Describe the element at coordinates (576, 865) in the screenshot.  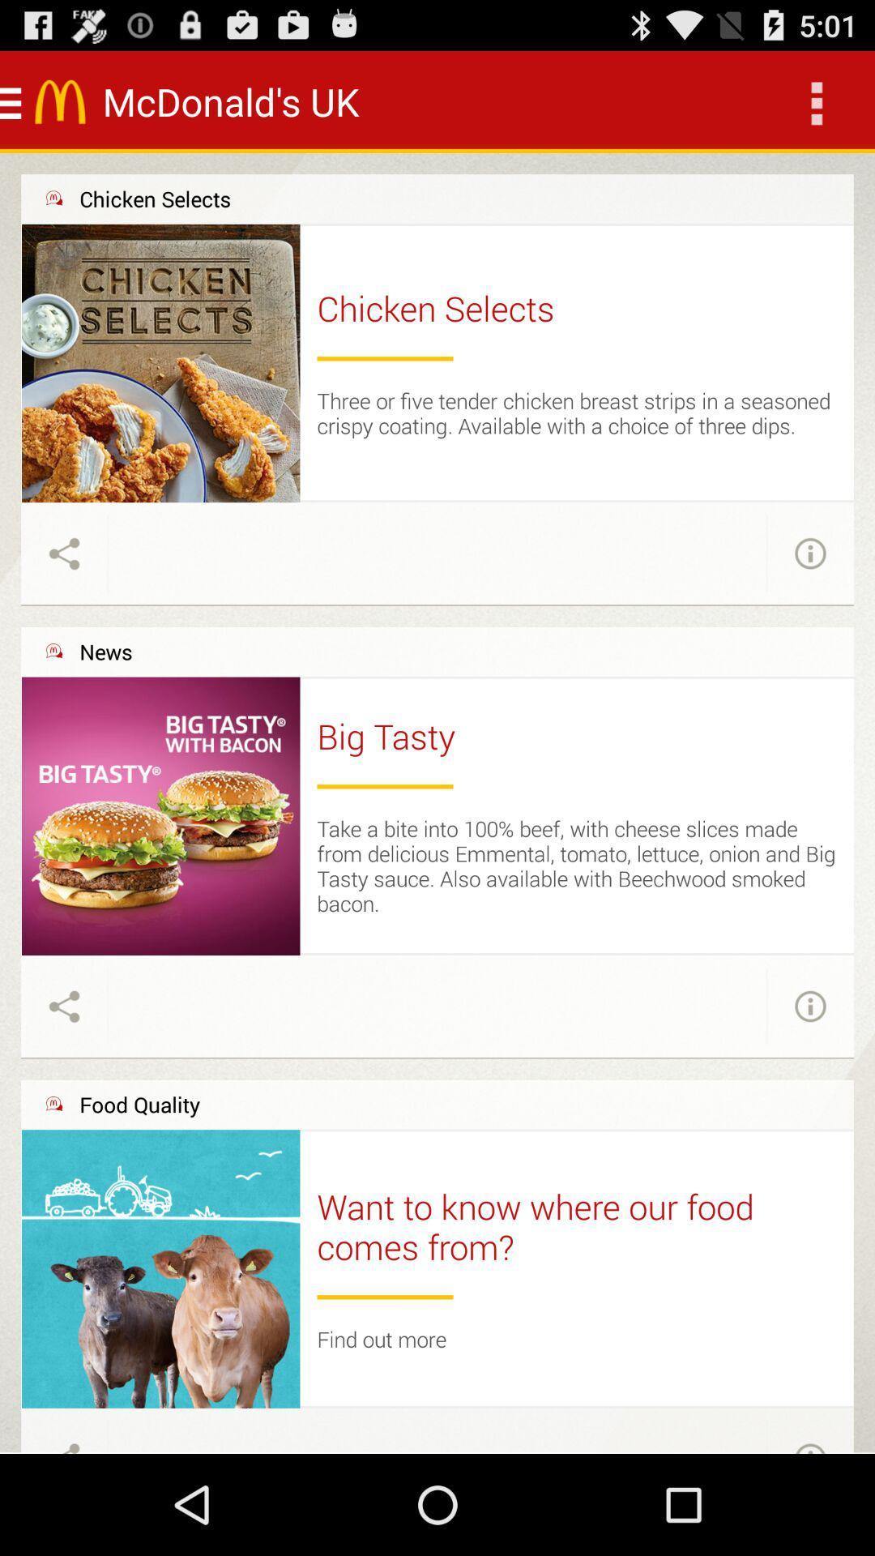
I see `take a bite item` at that location.